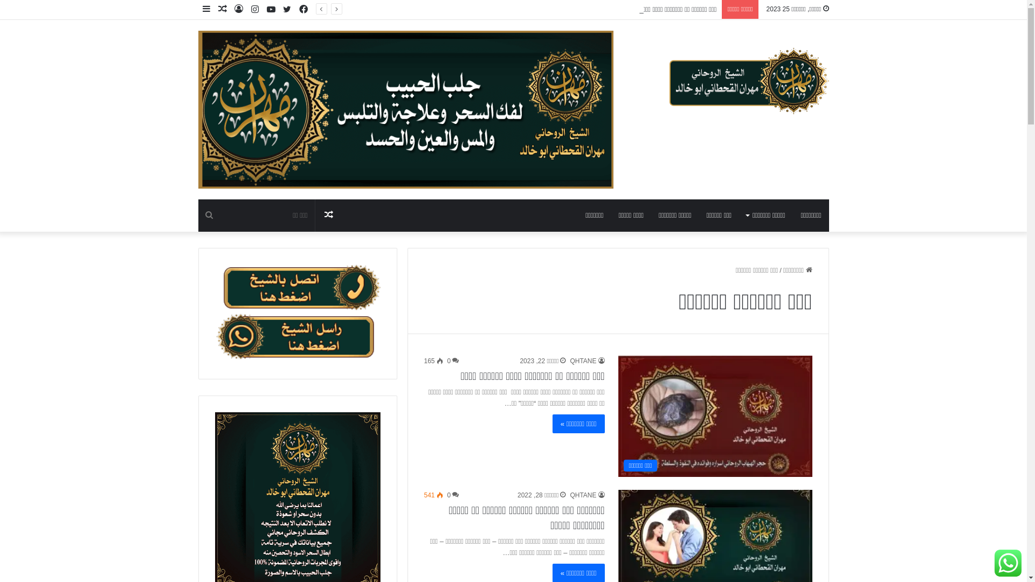 This screenshot has height=582, width=1035. Describe the element at coordinates (586, 361) in the screenshot. I see `'QHTANE'` at that location.